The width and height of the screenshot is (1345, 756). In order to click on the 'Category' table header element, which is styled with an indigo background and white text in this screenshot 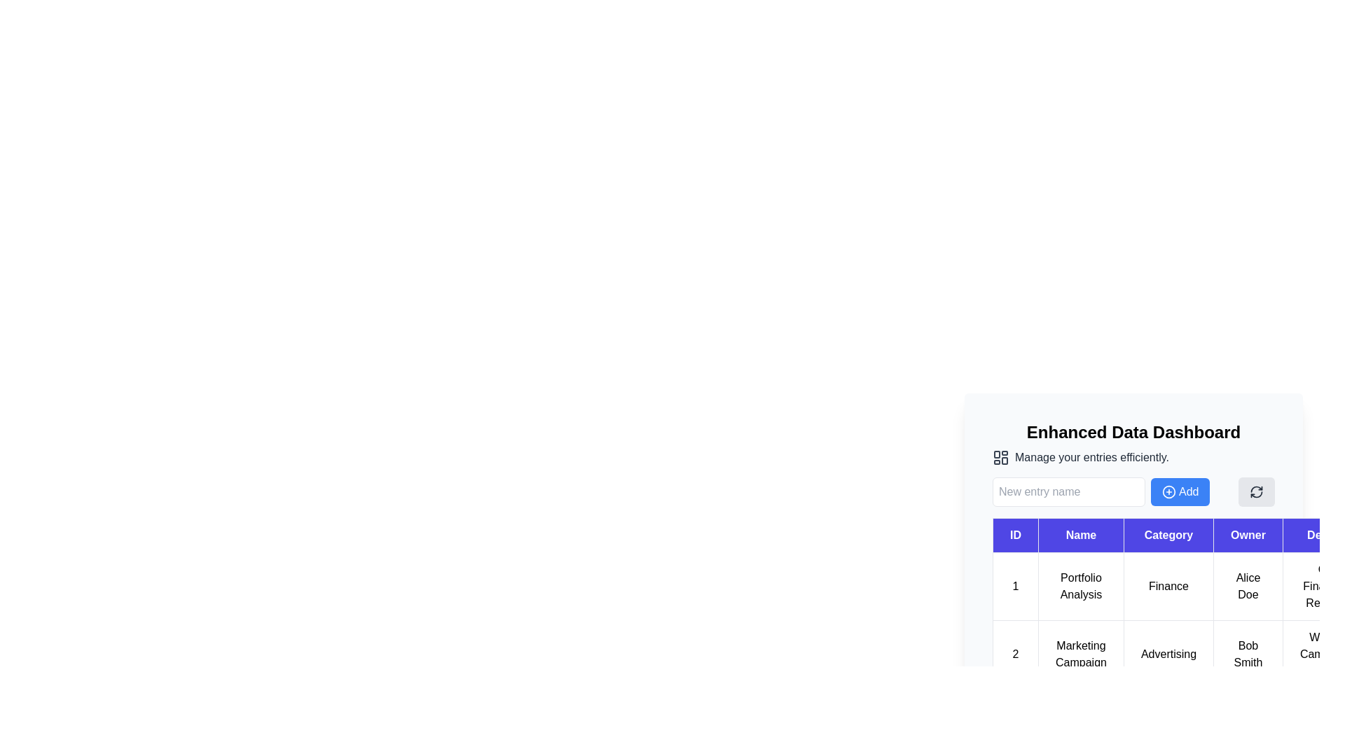, I will do `click(1133, 521)`.